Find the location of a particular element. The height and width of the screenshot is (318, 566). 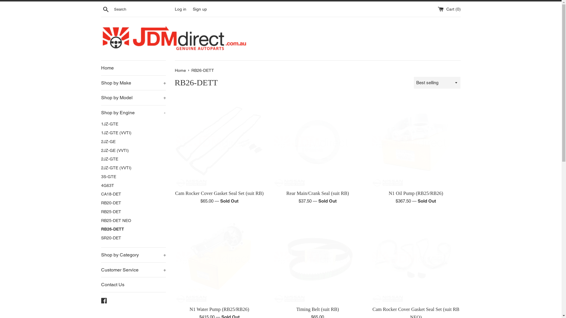

'2JZ-GTE (VVTI)' is located at coordinates (133, 168).